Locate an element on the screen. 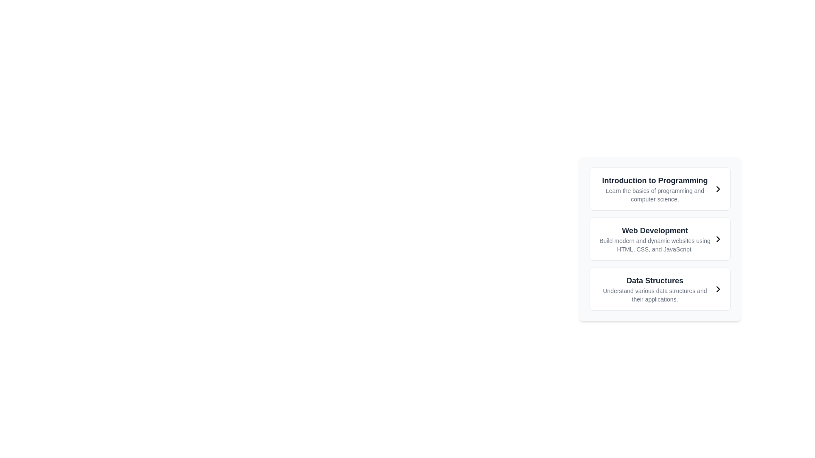  the right-pointing chevron icon located at the rightmost side of the 'Data Structures' row within the vertical list layout is located at coordinates (717, 289).